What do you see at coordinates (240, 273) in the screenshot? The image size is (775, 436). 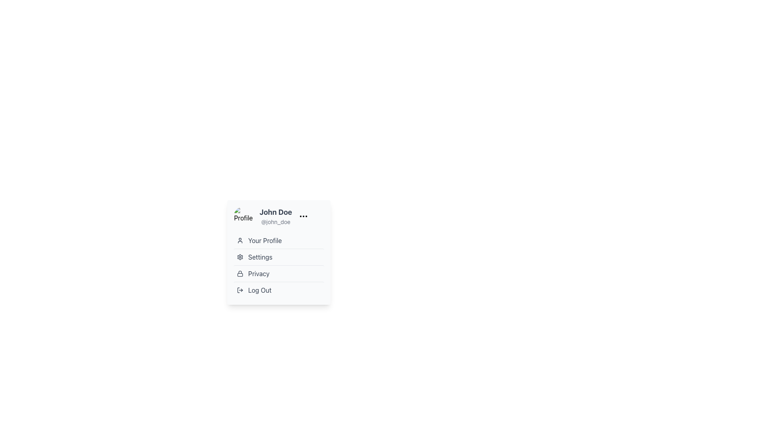 I see `the decorative lock icon representing privacy, located to the left of the 'Privacy' text label` at bounding box center [240, 273].